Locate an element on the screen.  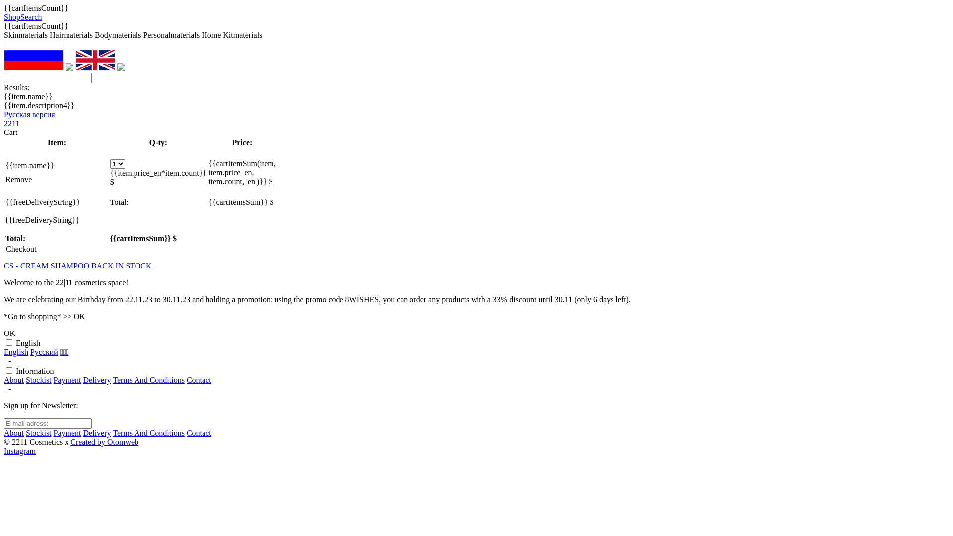
'Created by Otomweb' is located at coordinates (70, 441).